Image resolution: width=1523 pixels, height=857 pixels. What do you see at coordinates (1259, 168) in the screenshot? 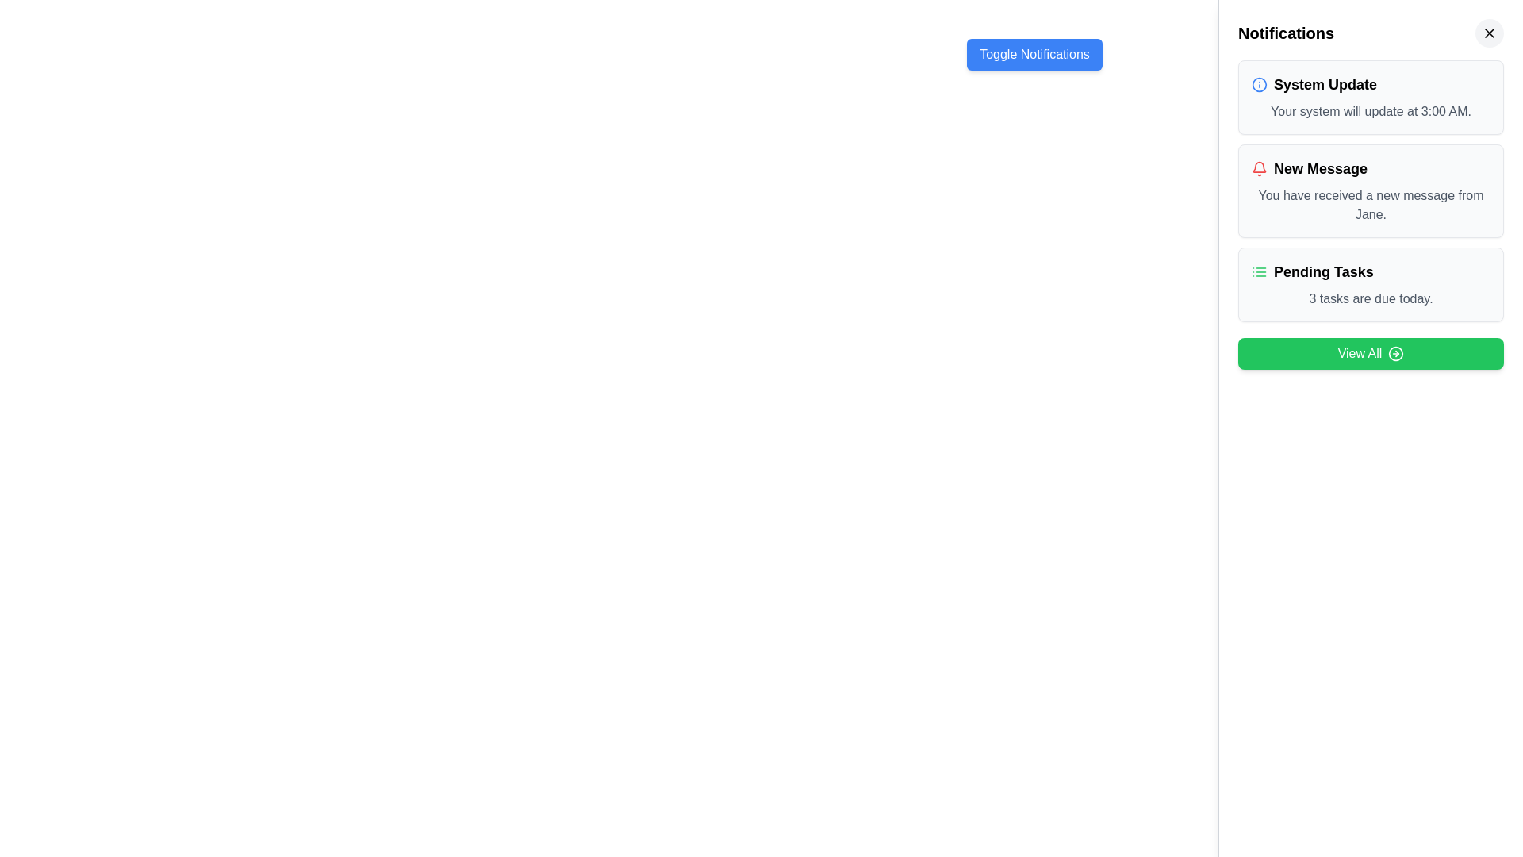
I see `the red bell icon representing notifications located in the 'New Message' card, which is the first element to the left of the title text` at bounding box center [1259, 168].